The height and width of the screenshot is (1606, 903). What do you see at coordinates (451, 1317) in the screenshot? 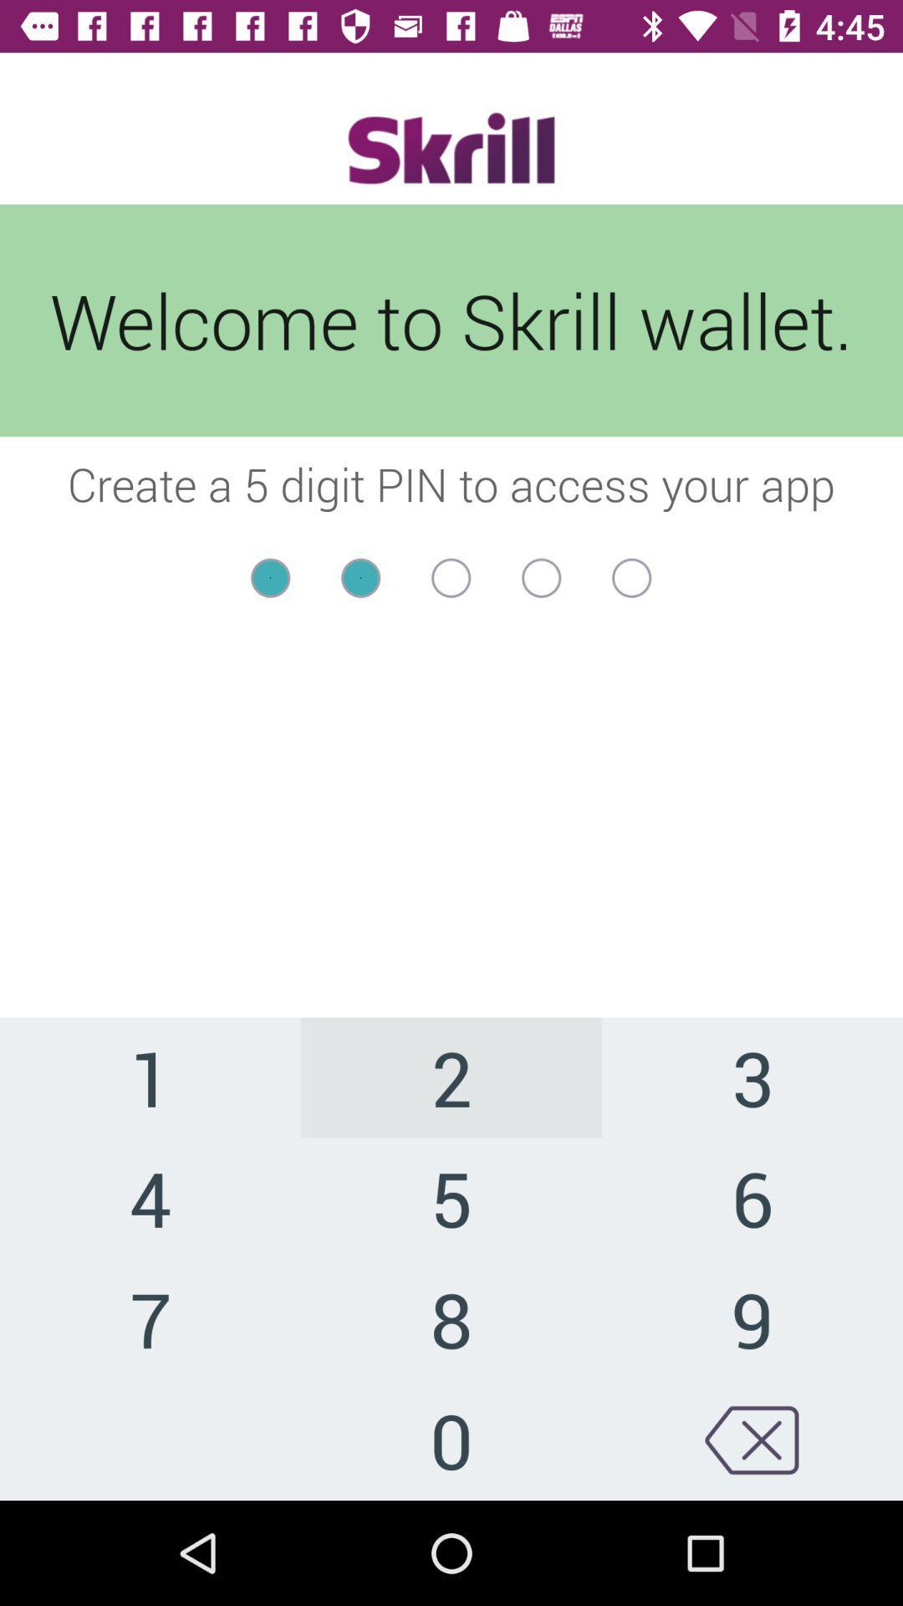
I see `the item next to 4 icon` at bounding box center [451, 1317].